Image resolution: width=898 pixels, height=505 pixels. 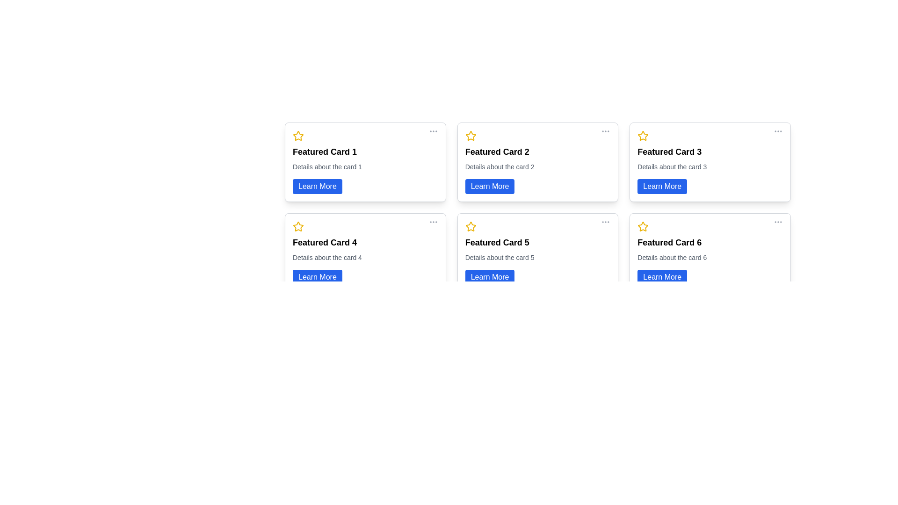 What do you see at coordinates (489, 186) in the screenshot?
I see `the 'Learn More' button located at the bottom of 'Featured Card 2'` at bounding box center [489, 186].